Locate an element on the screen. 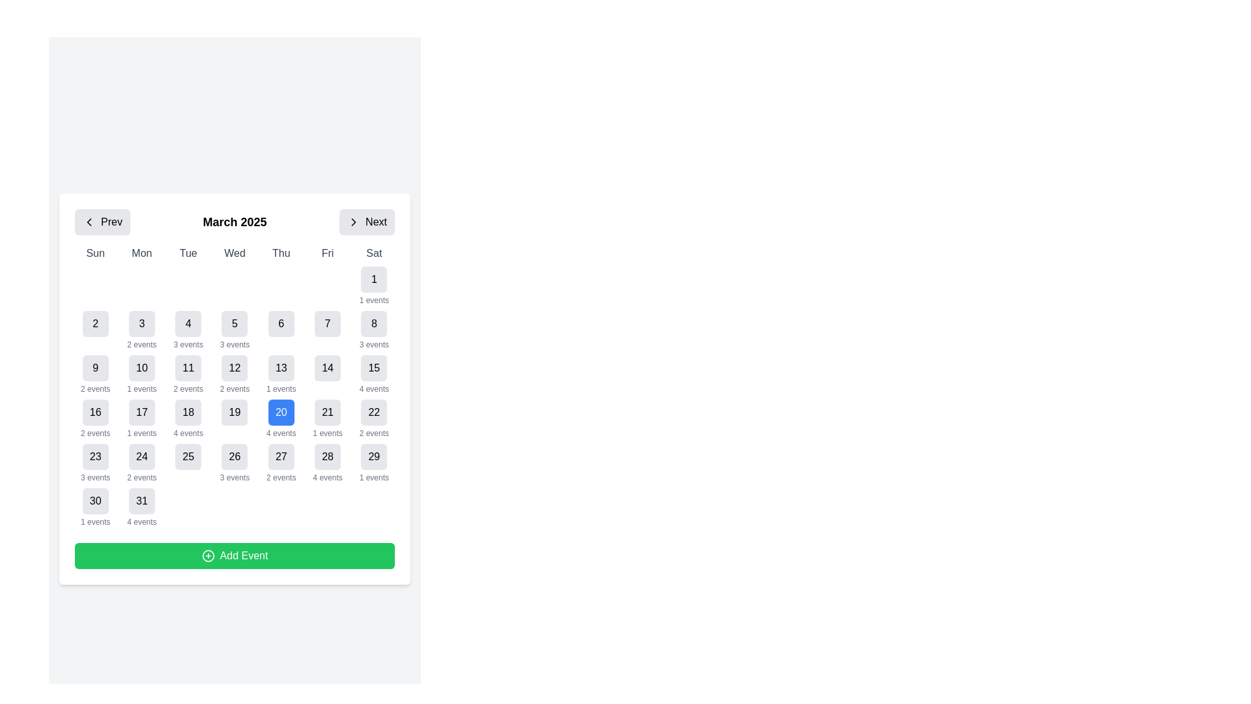  the DateCell in the calendar grid under the column labeled 'Sat', which is the eighth cell corresponding to the date '8' is located at coordinates (373, 329).